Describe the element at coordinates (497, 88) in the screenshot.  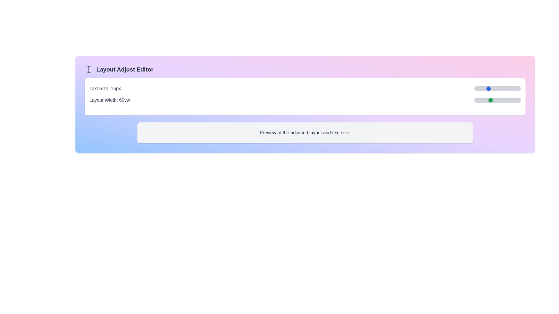
I see `the blue thumb of the horizontal range slider located in the row labeled 'Text Size: 16px'` at that location.